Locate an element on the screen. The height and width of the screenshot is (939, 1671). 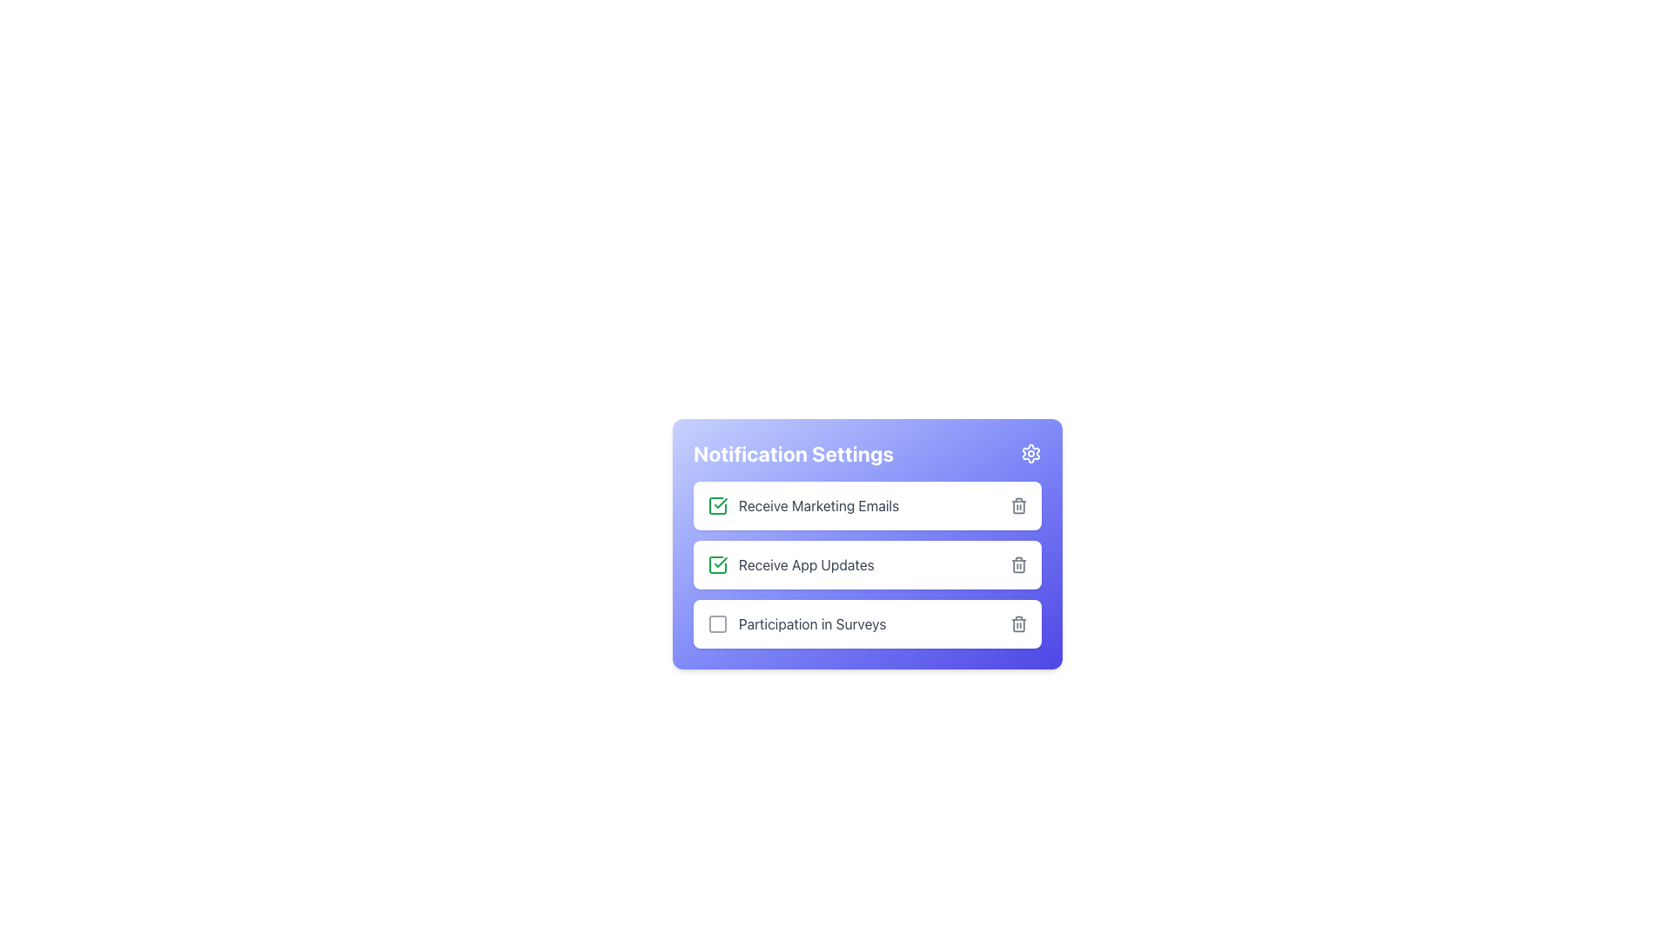
the list item containing the checkbox, label, and action icon for survey participation settings, which is the last item in the notification settings panel is located at coordinates (868, 623).